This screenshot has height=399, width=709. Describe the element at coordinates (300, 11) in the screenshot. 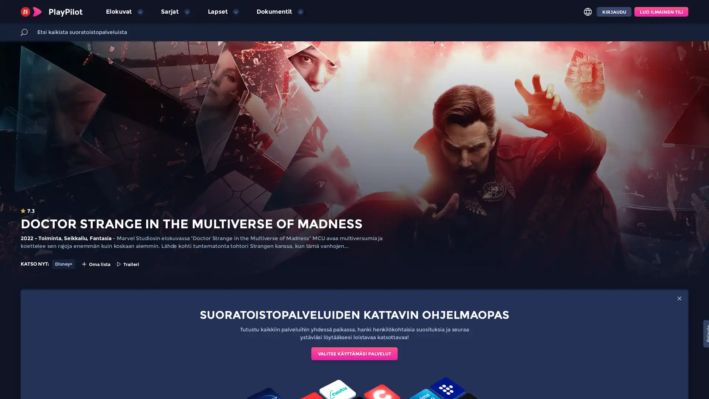

I see `Expand menu` at that location.